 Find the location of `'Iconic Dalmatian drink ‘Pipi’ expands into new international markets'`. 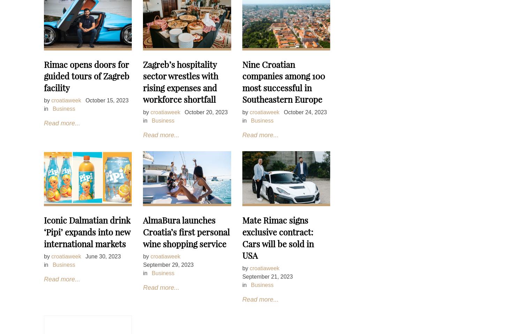

'Iconic Dalmatian drink ‘Pipi’ expands into new international markets' is located at coordinates (87, 232).